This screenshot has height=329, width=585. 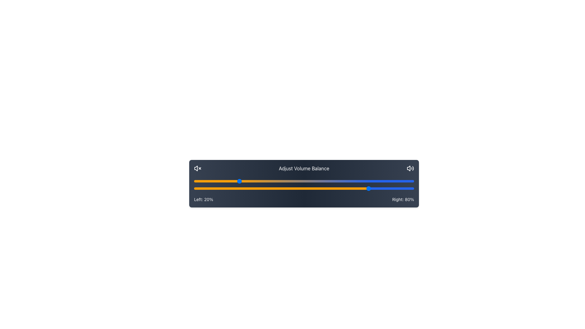 I want to click on the left balance, so click(x=260, y=181).